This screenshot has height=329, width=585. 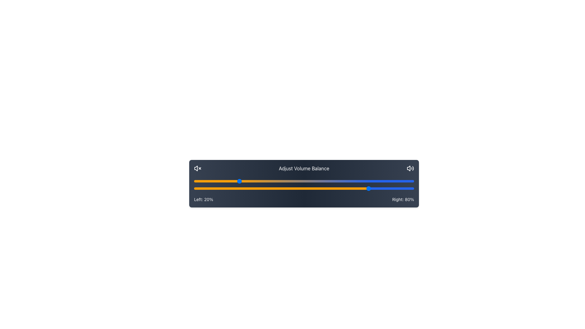 I want to click on the left balance, so click(x=260, y=181).